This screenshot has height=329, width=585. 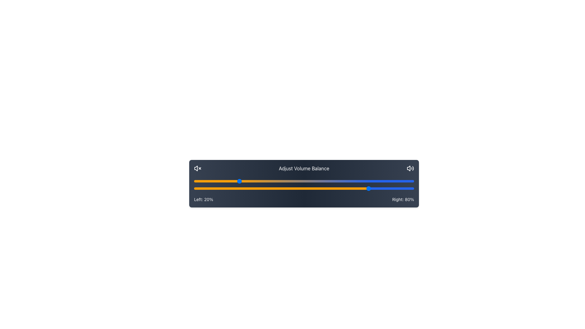 I want to click on the left balance, so click(x=260, y=181).